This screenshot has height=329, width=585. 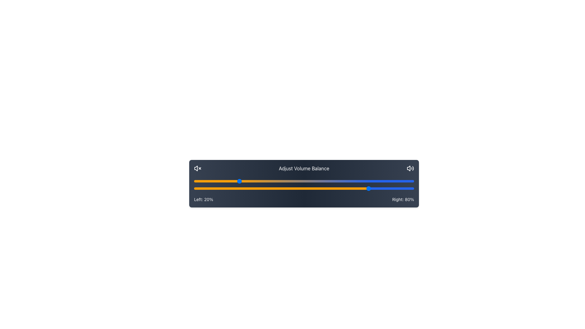 I want to click on the left balance, so click(x=260, y=181).